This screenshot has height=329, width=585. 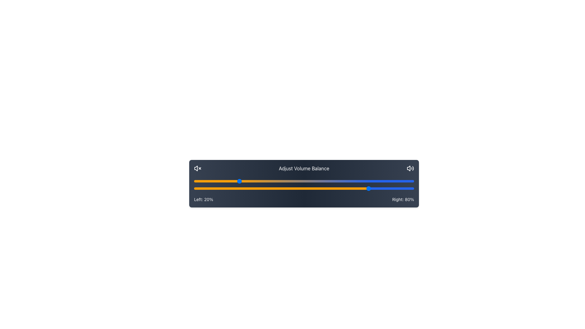 I want to click on the left balance, so click(x=260, y=181).